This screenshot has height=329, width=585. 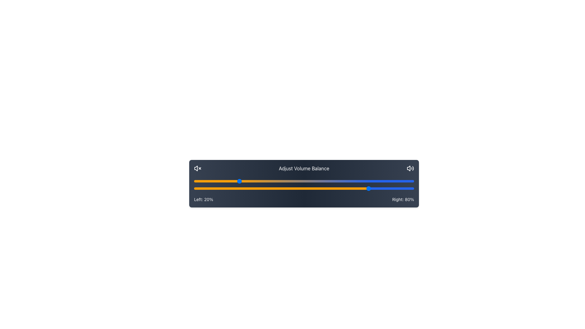 I want to click on the left balance, so click(x=260, y=181).